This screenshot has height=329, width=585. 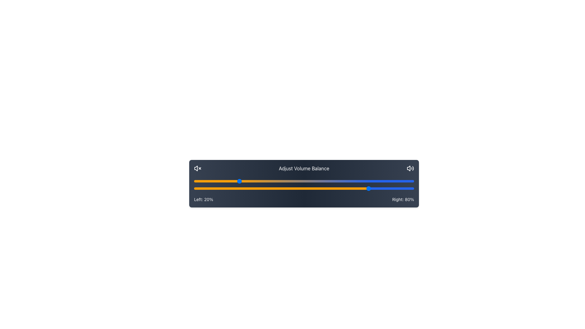 I want to click on the left balance, so click(x=260, y=181).